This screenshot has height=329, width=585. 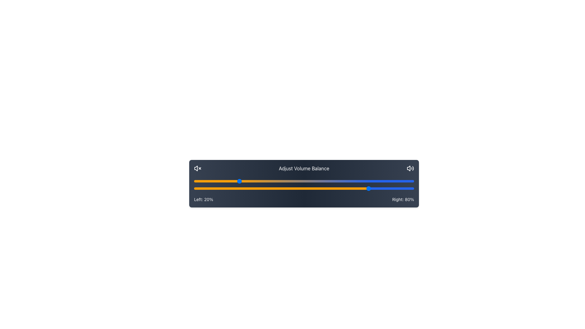 I want to click on the left balance, so click(x=260, y=181).